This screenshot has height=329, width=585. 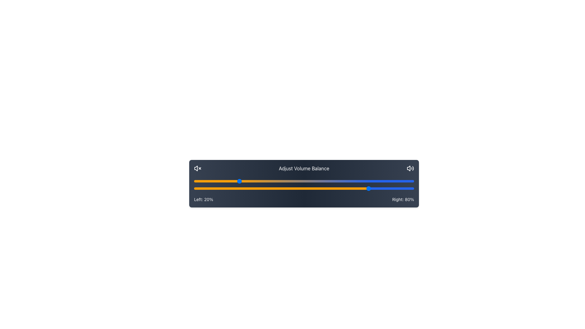 I want to click on the left balance, so click(x=260, y=181).